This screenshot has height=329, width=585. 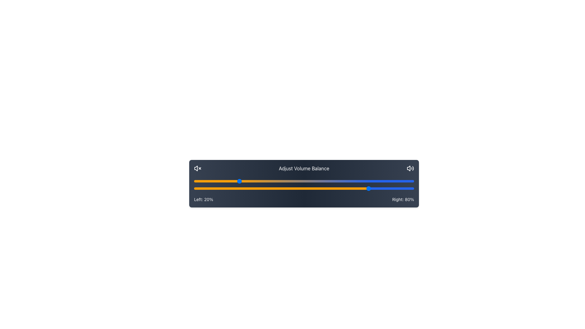 I want to click on the left balance, so click(x=260, y=181).